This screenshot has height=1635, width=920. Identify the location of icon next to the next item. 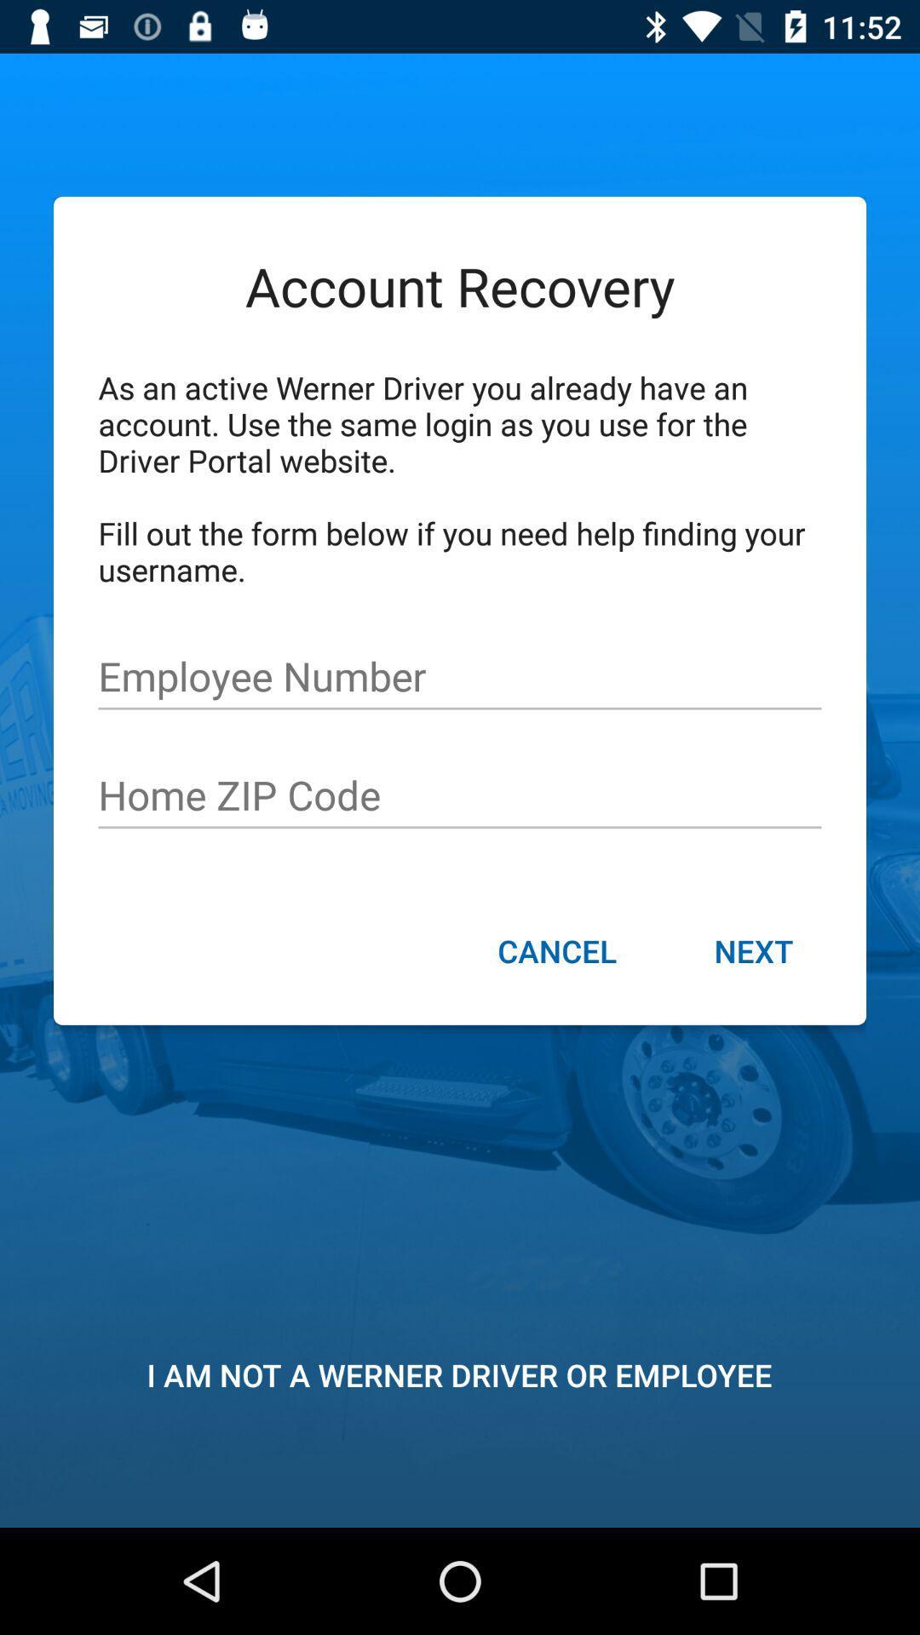
(557, 952).